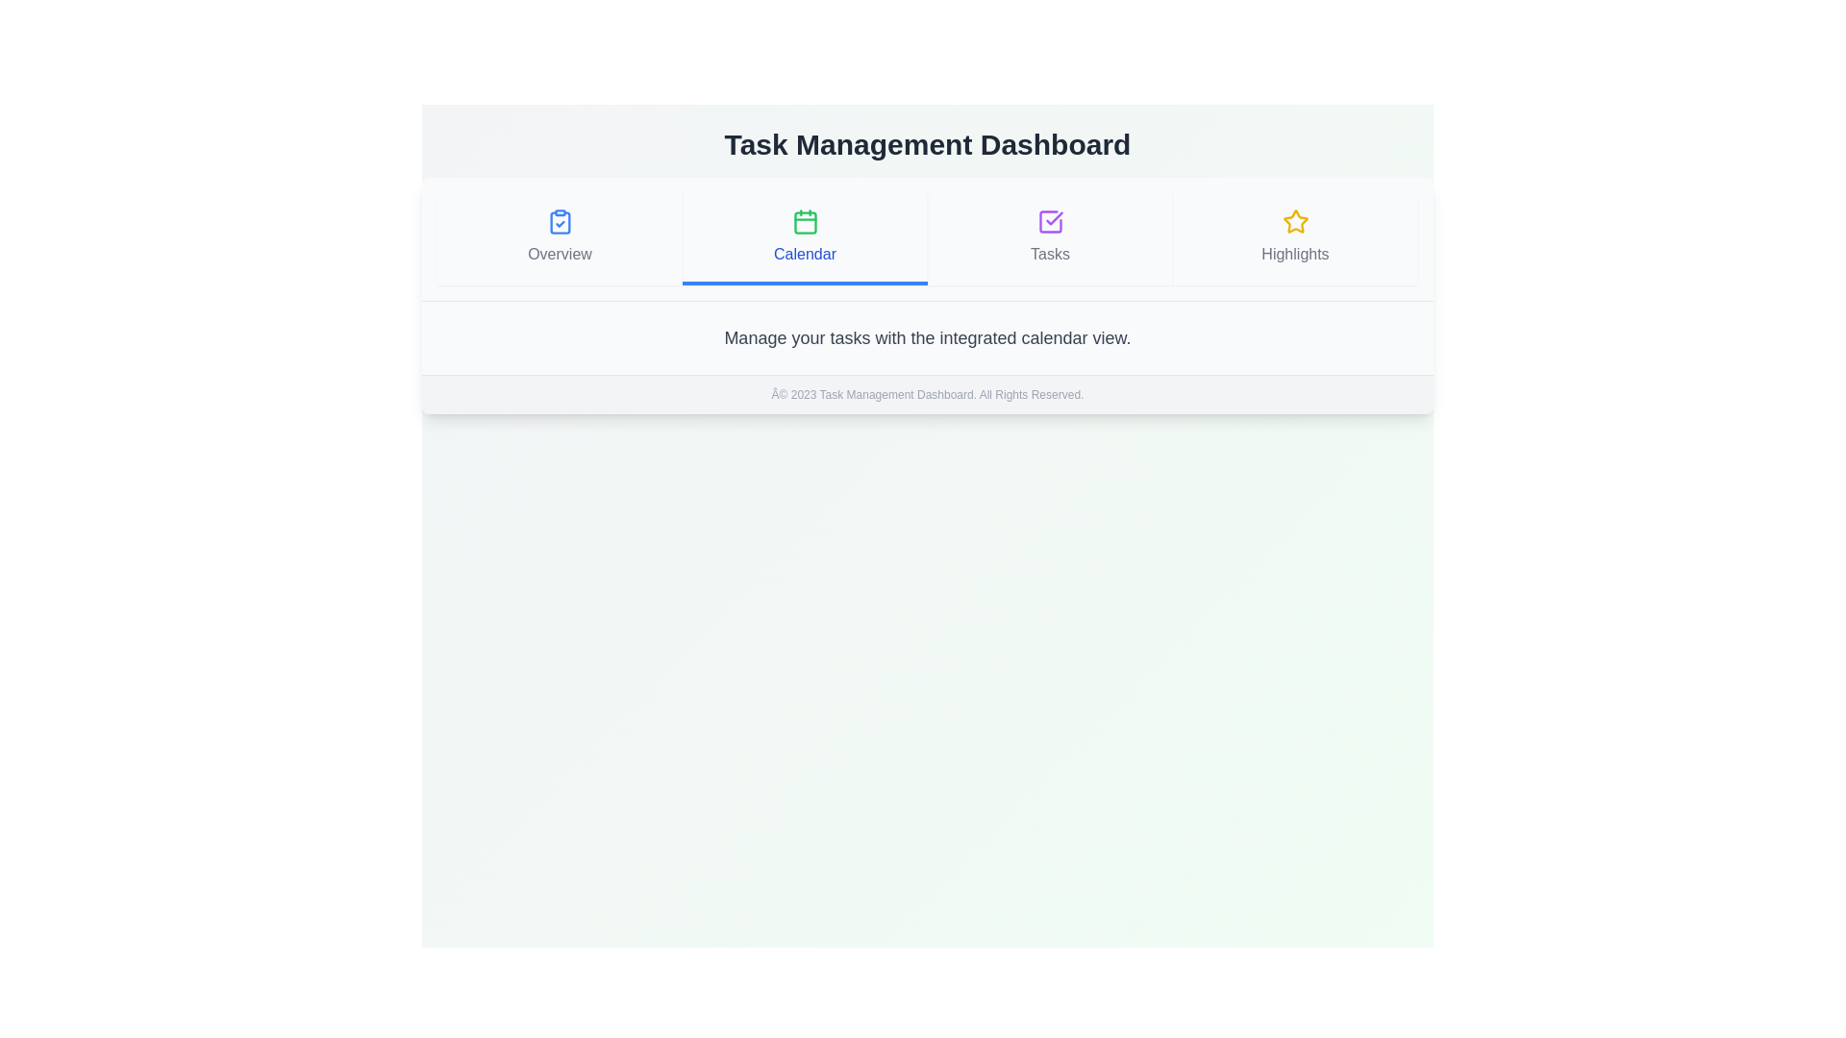 The height and width of the screenshot is (1038, 1846). Describe the element at coordinates (1049, 254) in the screenshot. I see `'Tasks' label text located in the third position of the horizontal menu, which is aligned below the purple check icon` at that location.